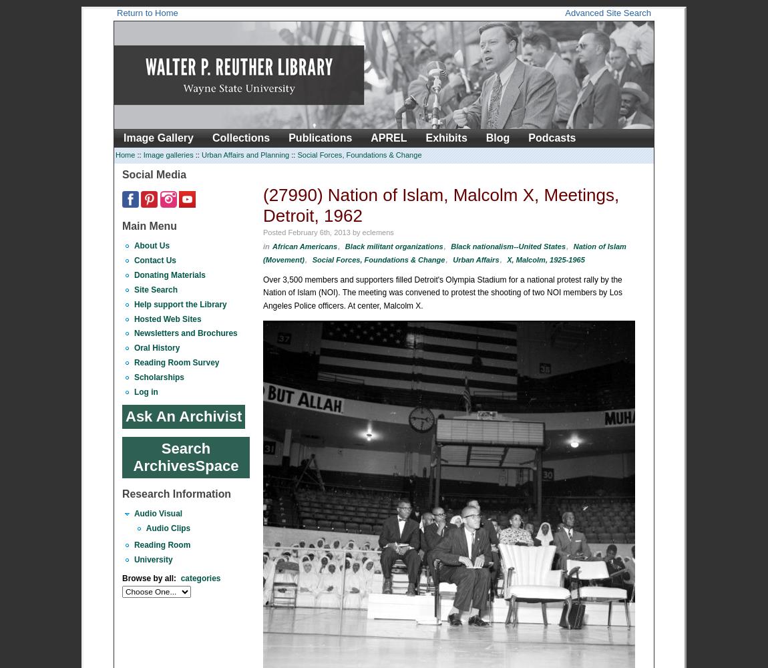 Image resolution: width=768 pixels, height=668 pixels. What do you see at coordinates (184, 333) in the screenshot?
I see `'Newsletters and Brochures'` at bounding box center [184, 333].